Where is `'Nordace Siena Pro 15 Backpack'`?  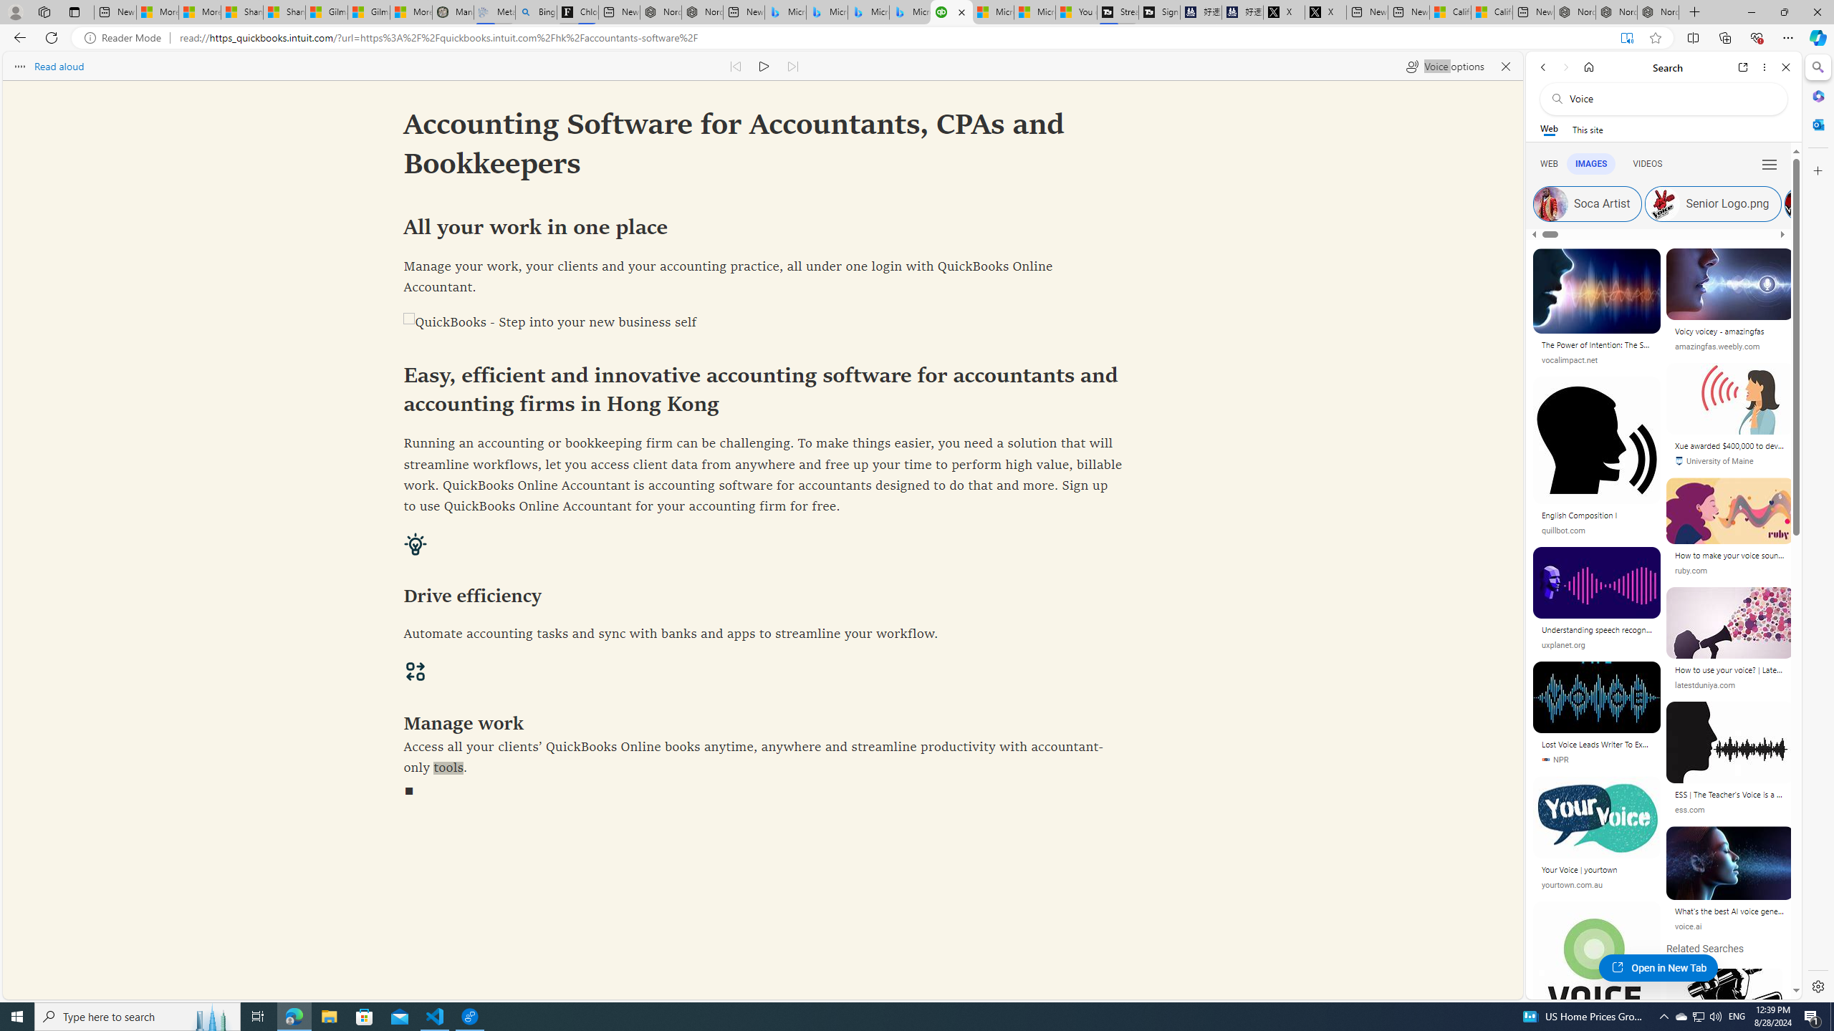
'Nordace Siena Pro 15 Backpack' is located at coordinates (1615, 11).